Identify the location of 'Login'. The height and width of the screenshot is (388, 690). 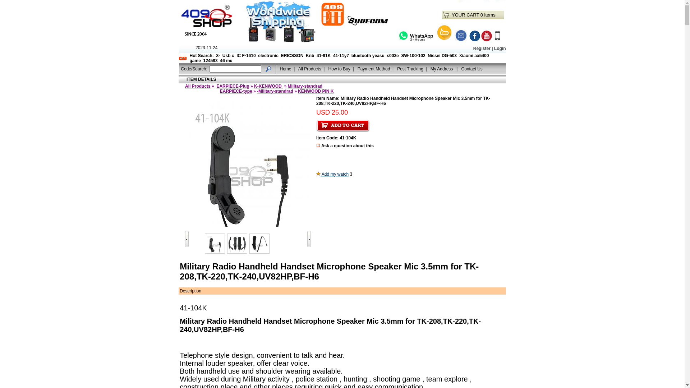
(500, 48).